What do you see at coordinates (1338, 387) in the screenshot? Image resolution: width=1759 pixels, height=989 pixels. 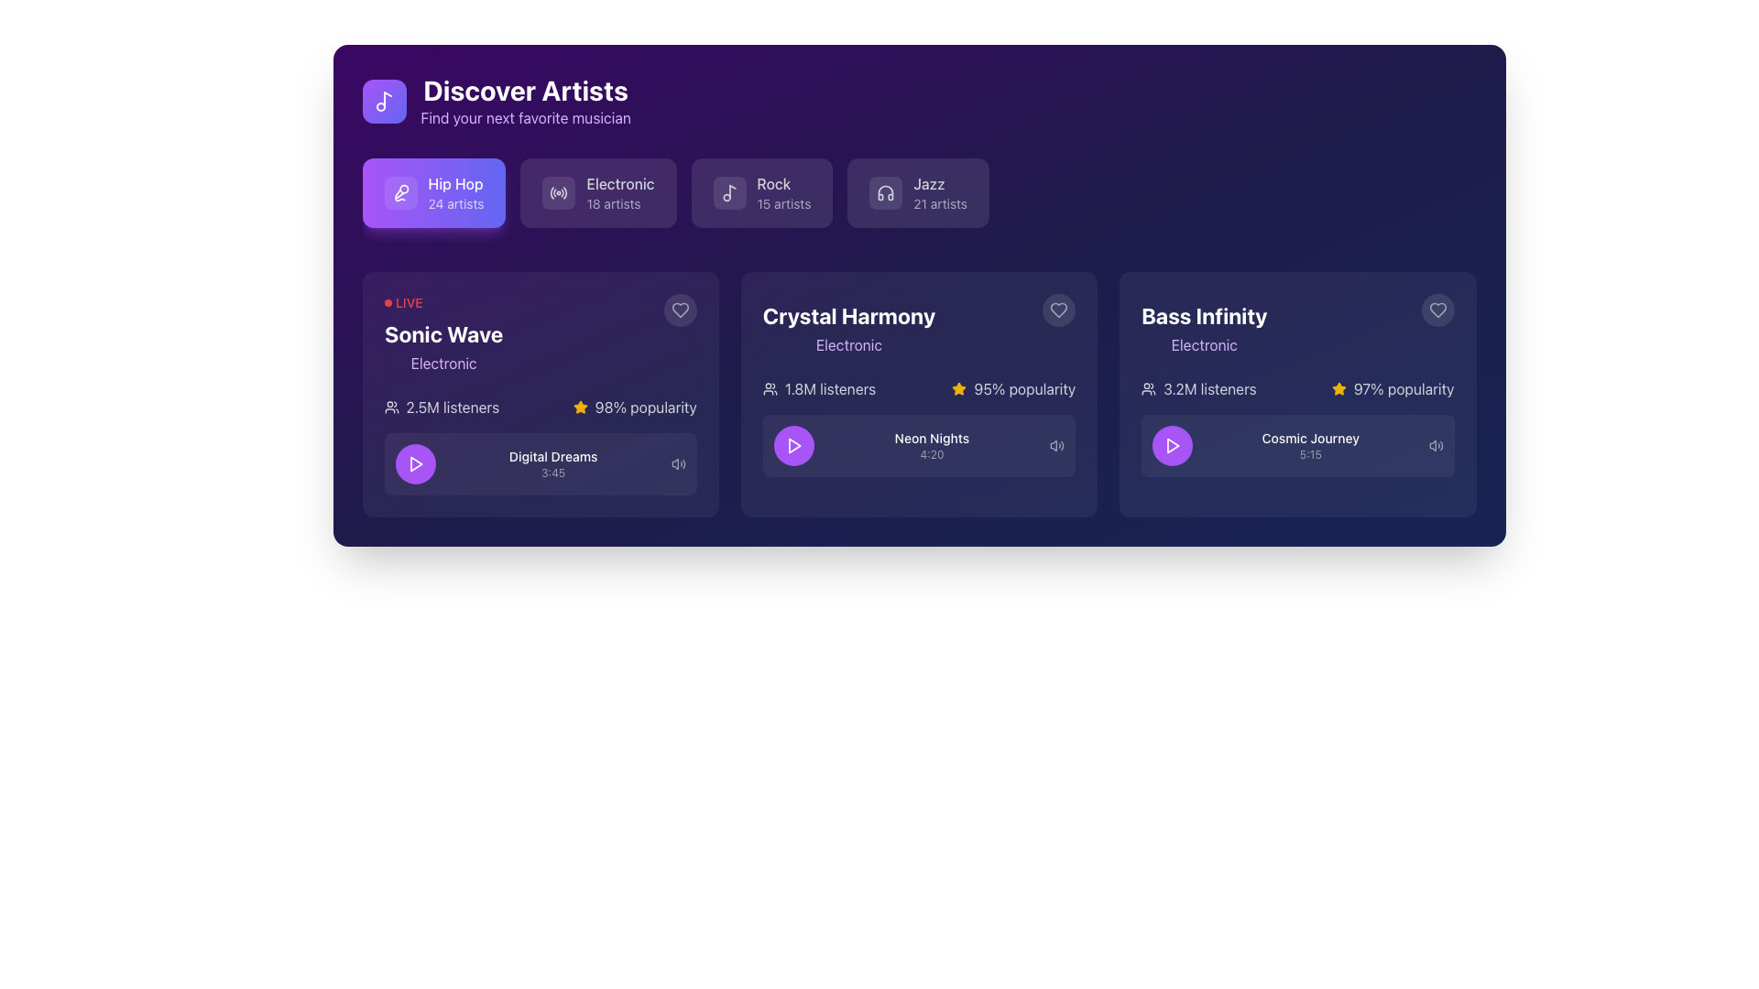 I see `the star icon indicating the popularity score of 'Bass Infinity', which is located to the left of the text '97% popularity'` at bounding box center [1338, 387].